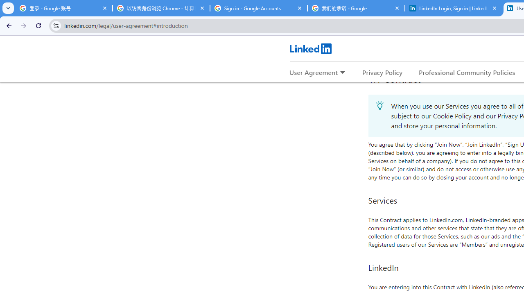  What do you see at coordinates (342, 73) in the screenshot?
I see `'Expand to show more links for User Agreement'` at bounding box center [342, 73].